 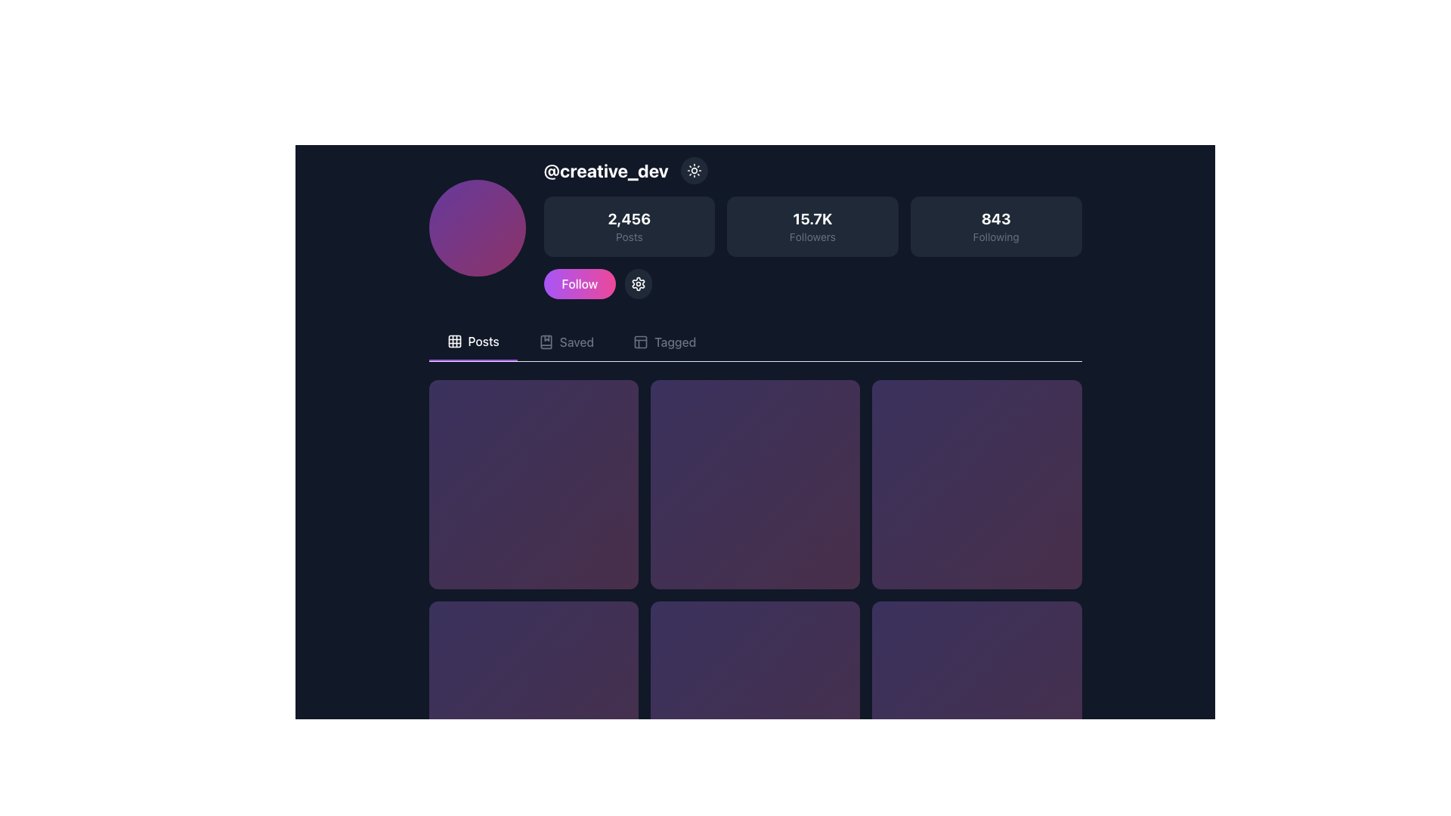 What do you see at coordinates (641, 342) in the screenshot?
I see `the 'tagged' section icon in the profile navigation bar` at bounding box center [641, 342].